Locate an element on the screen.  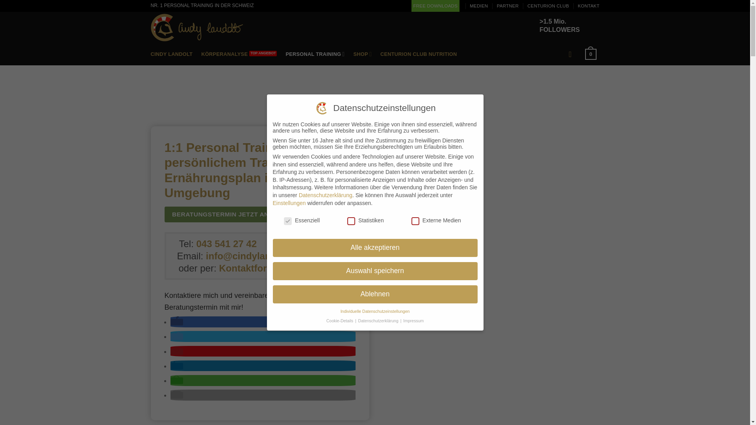
'KONTAKT' is located at coordinates (588, 6).